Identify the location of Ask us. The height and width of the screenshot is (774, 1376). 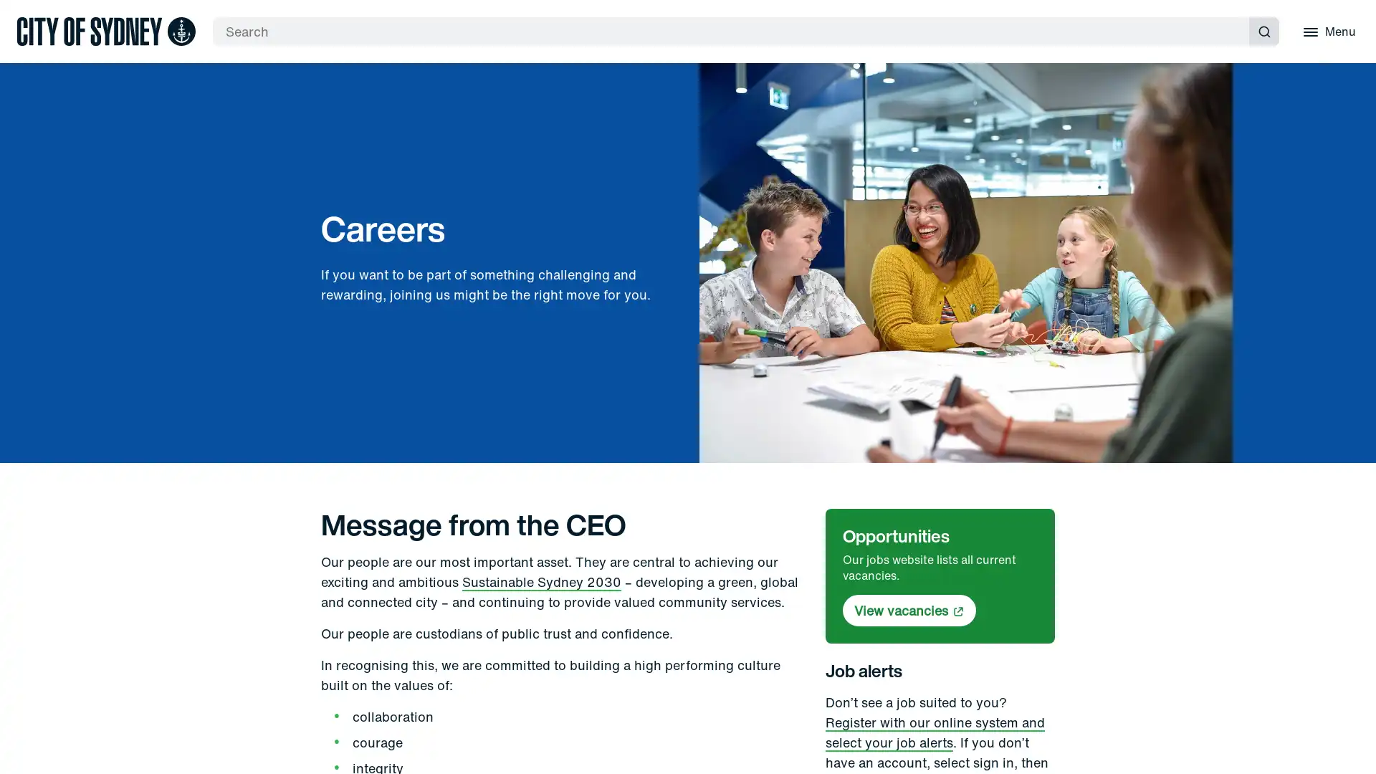
(1360, 387).